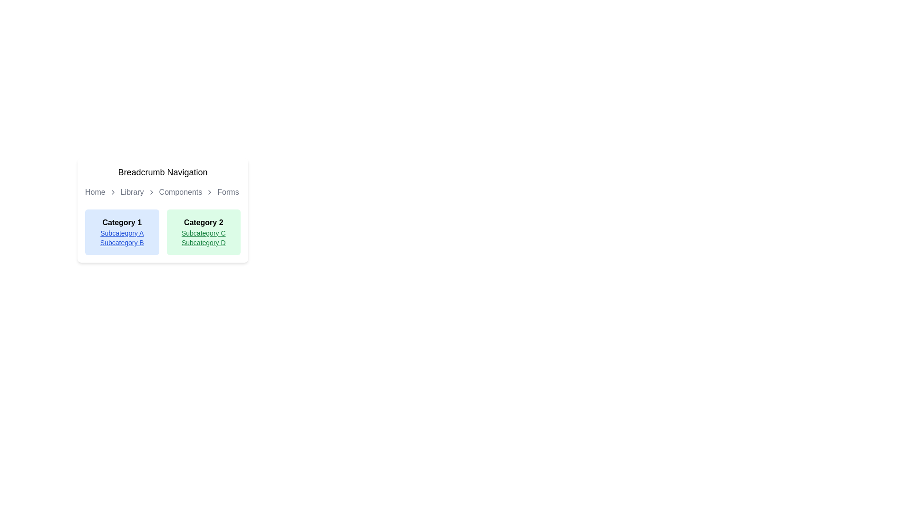  What do you see at coordinates (95, 192) in the screenshot?
I see `the 'Home' hyperlink in the breadcrumb navigation using keyboard tab focus` at bounding box center [95, 192].